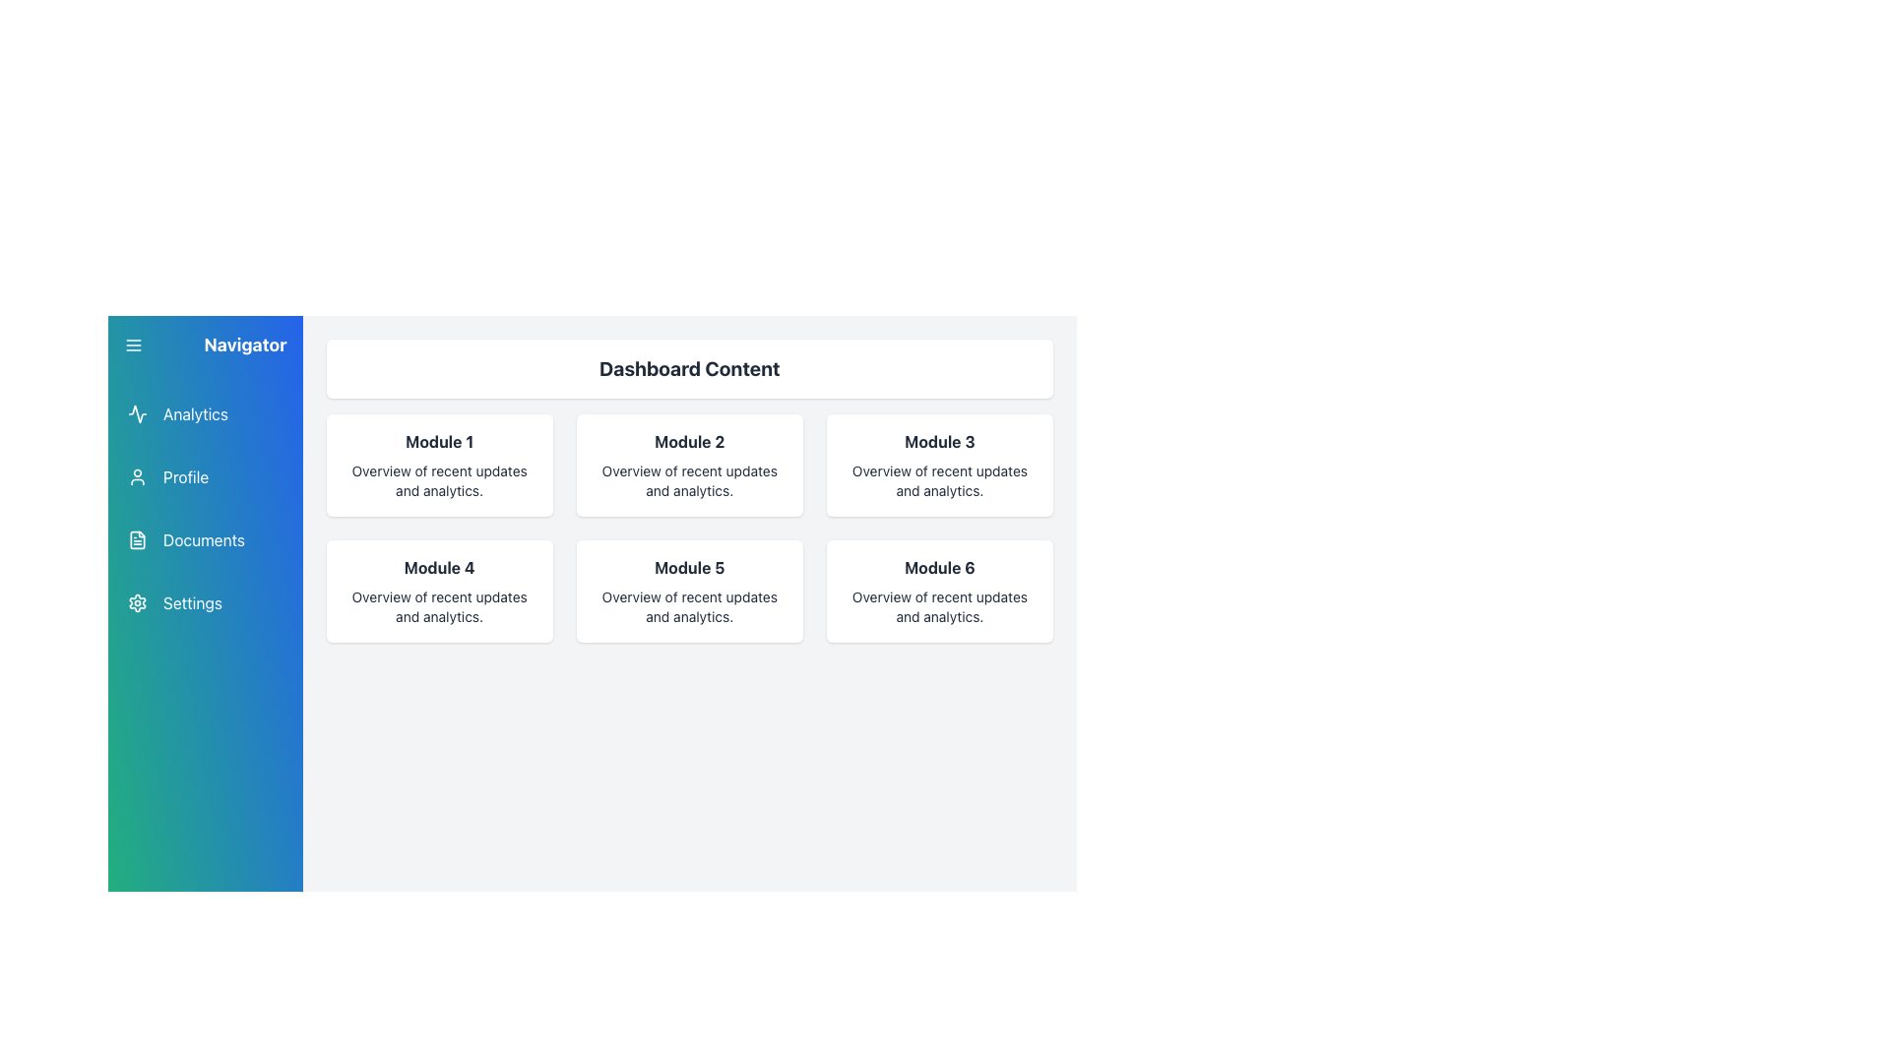 This screenshot has height=1063, width=1890. What do you see at coordinates (939, 440) in the screenshot?
I see `bolded text label 'Module 3' located in the top-right card of the grid on the 'Dashboard Content' page` at bounding box center [939, 440].